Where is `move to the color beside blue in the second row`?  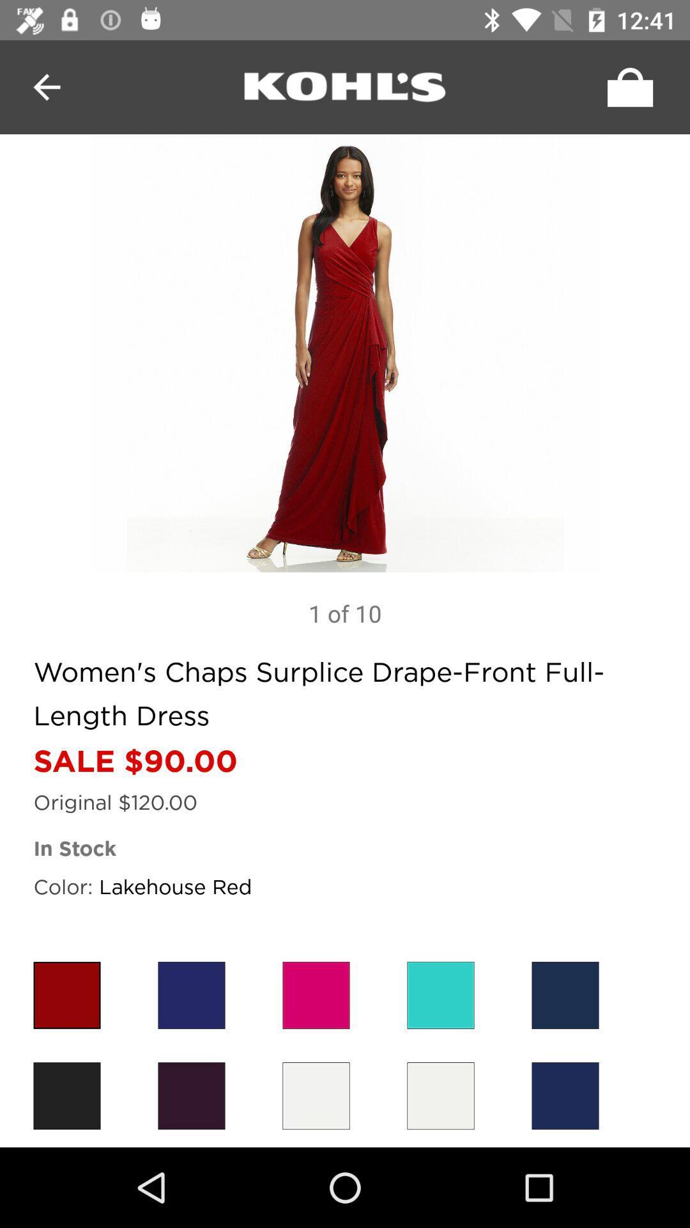 move to the color beside blue in the second row is located at coordinates (440, 1095).